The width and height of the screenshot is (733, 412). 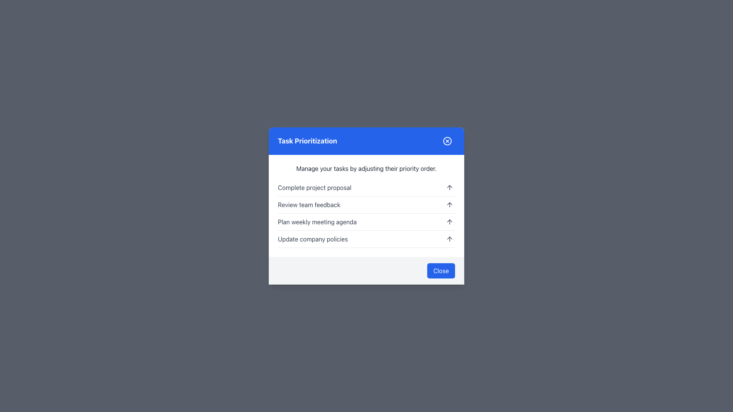 I want to click on the second upward-pointing arrow button located, so click(x=449, y=204).